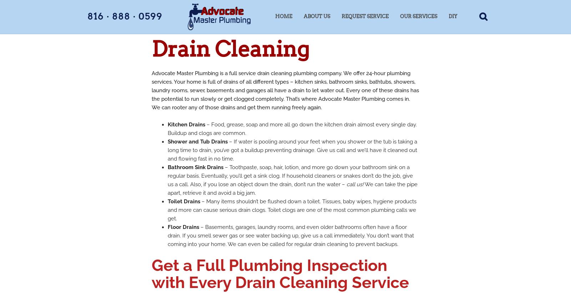 This screenshot has height=293, width=571. Describe the element at coordinates (292, 129) in the screenshot. I see `'– Food, grease, soap and more all go down the kitchen drain almost every single day. Buildup and clogs are common.'` at that location.